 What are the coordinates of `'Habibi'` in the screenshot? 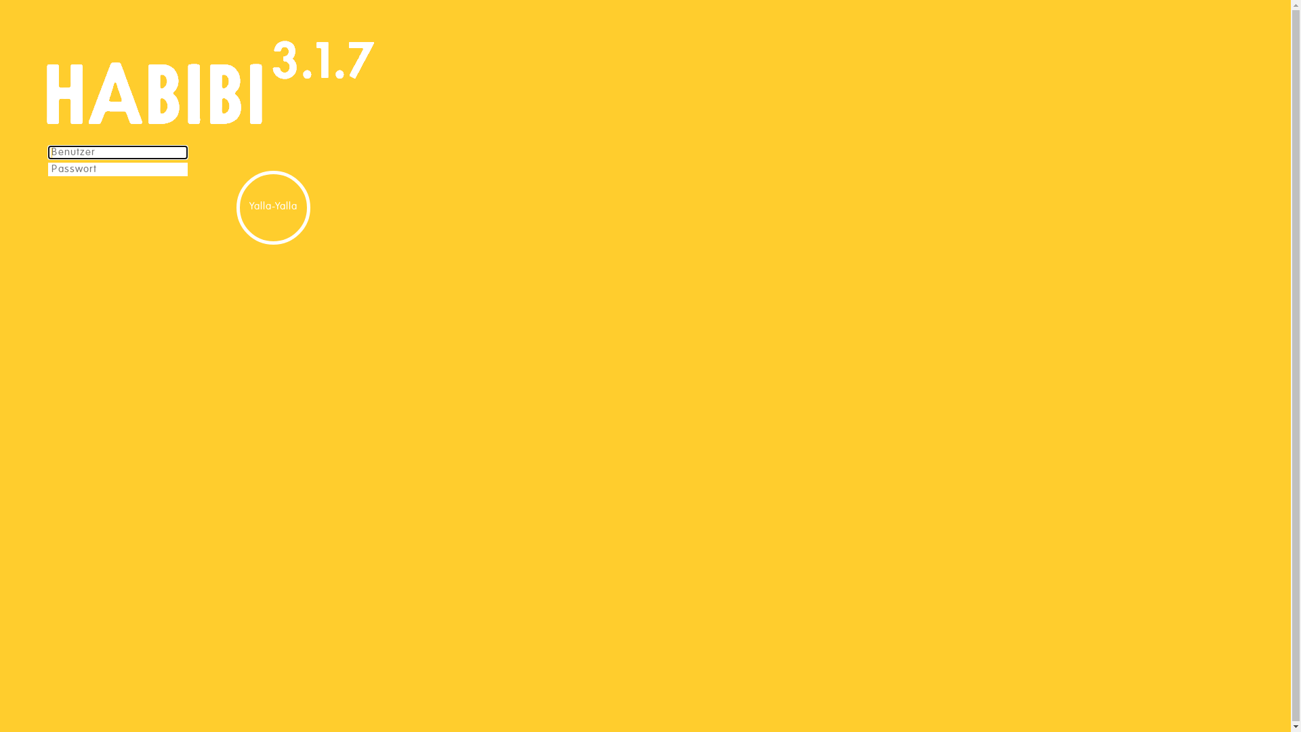 It's located at (284, 81).